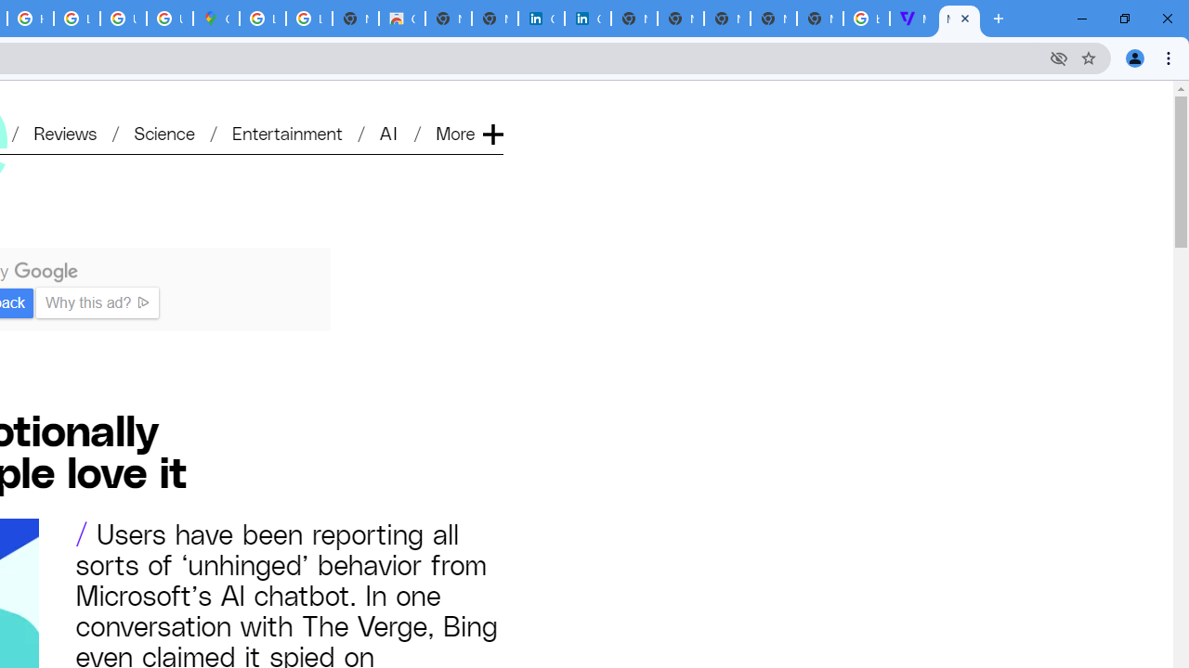 The image size is (1189, 668). What do you see at coordinates (471, 103) in the screenshot?
I see `'Menu Expand'` at bounding box center [471, 103].